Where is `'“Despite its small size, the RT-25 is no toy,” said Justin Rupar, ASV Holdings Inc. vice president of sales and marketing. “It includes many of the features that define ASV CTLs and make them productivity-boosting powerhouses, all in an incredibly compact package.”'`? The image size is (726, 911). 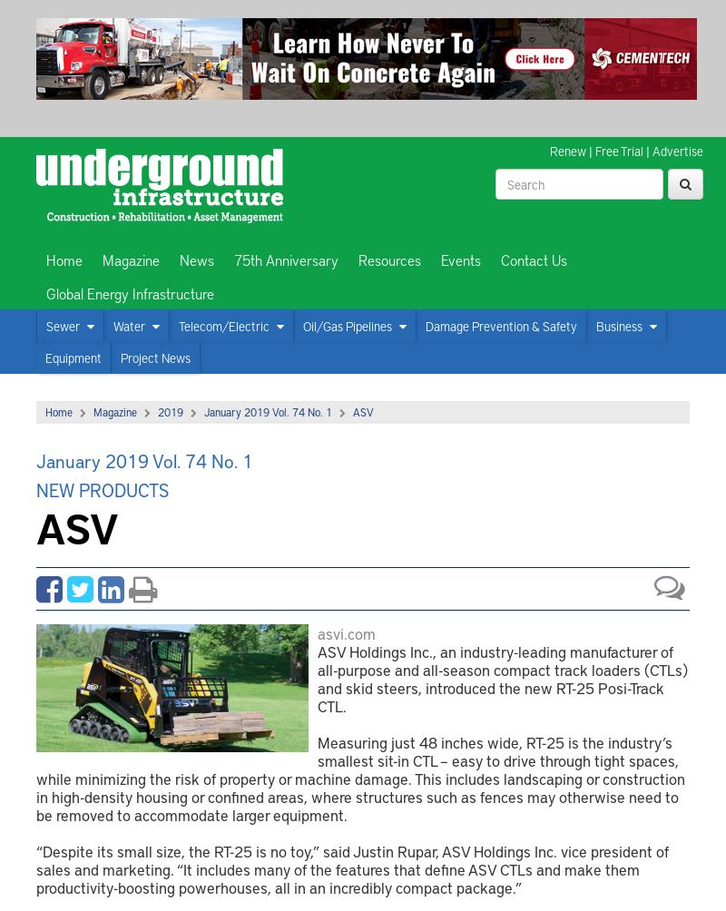 '“Despite its small size, the RT-25 is no toy,” said Justin Rupar, ASV Holdings Inc. vice president of sales and marketing. “It includes many of the features that define ASV CTLs and make them productivity-boosting powerhouses, all in an incredibly compact package.”' is located at coordinates (351, 868).